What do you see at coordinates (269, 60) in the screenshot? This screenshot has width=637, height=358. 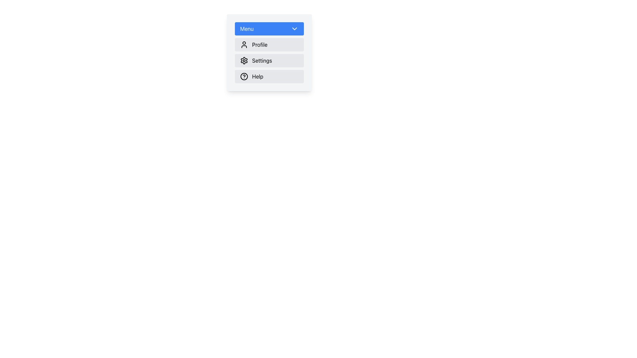 I see `the 'Settings' menu item, which is the second item in the vertical list under the 'Menu' dropdown` at bounding box center [269, 60].